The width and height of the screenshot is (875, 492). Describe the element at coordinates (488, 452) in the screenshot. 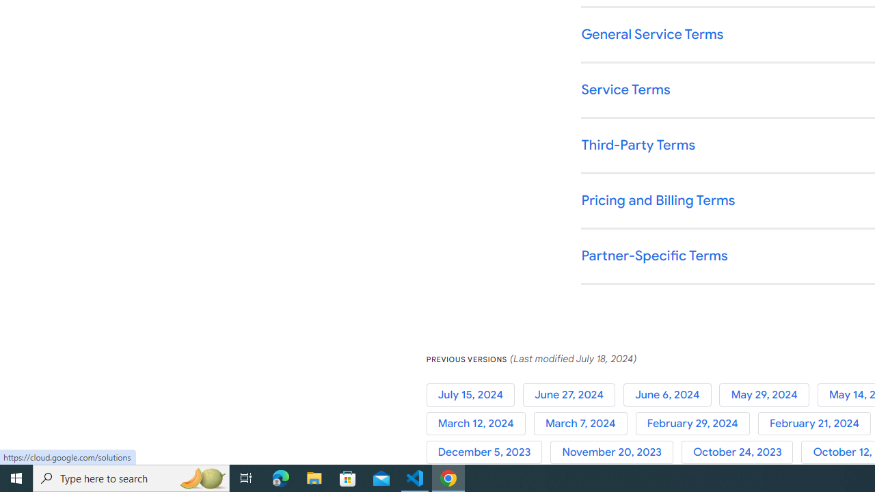

I see `'December 5, 2023'` at that location.